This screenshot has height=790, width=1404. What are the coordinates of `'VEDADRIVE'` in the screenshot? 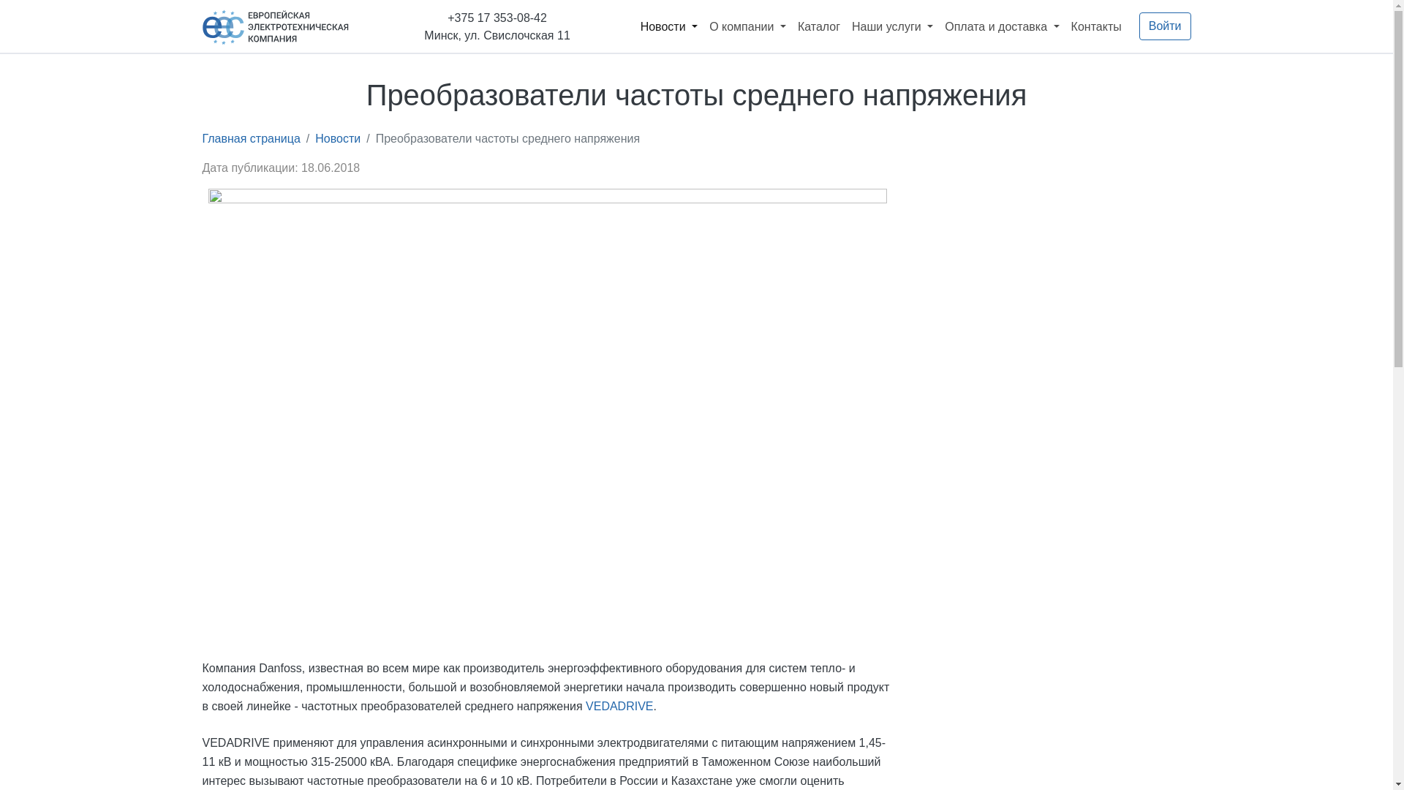 It's located at (586, 705).